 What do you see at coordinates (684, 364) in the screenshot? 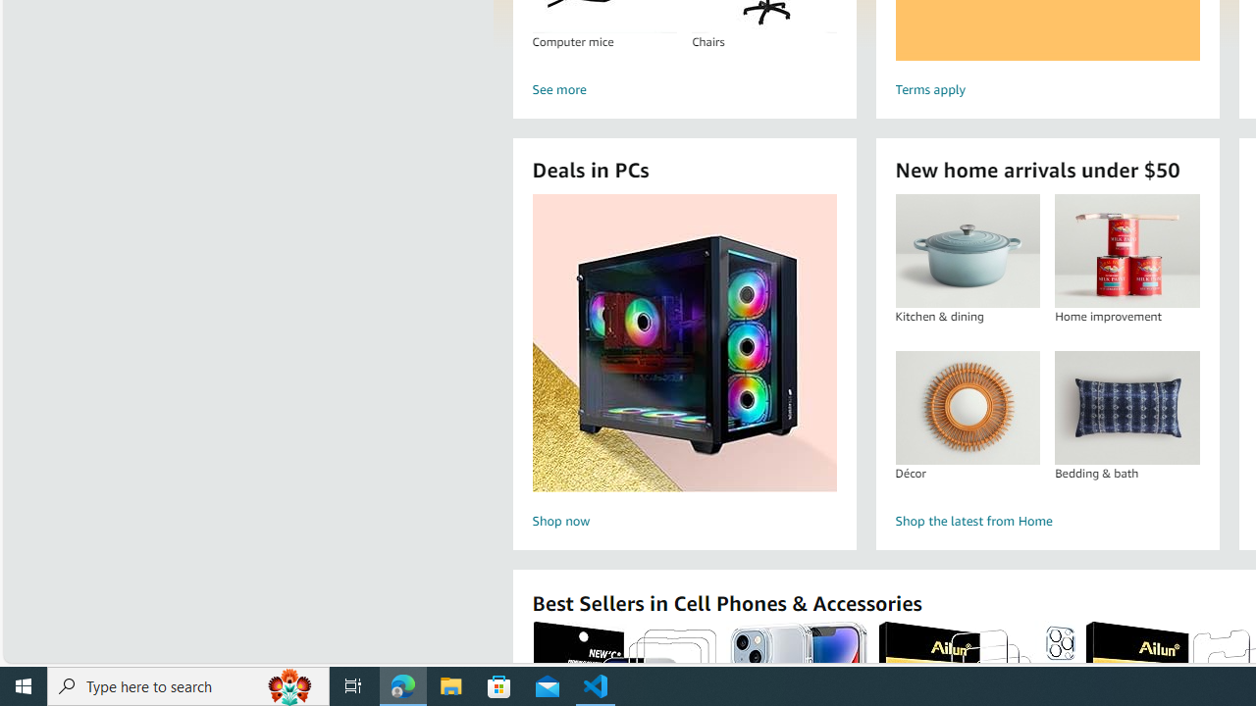
I see `'Deals in PCs Shop now'` at bounding box center [684, 364].